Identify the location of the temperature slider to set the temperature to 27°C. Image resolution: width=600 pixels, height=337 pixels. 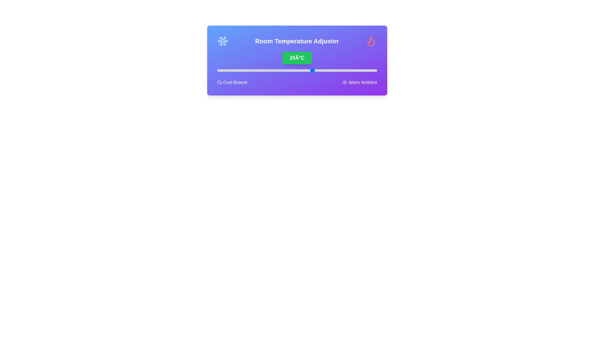
(335, 70).